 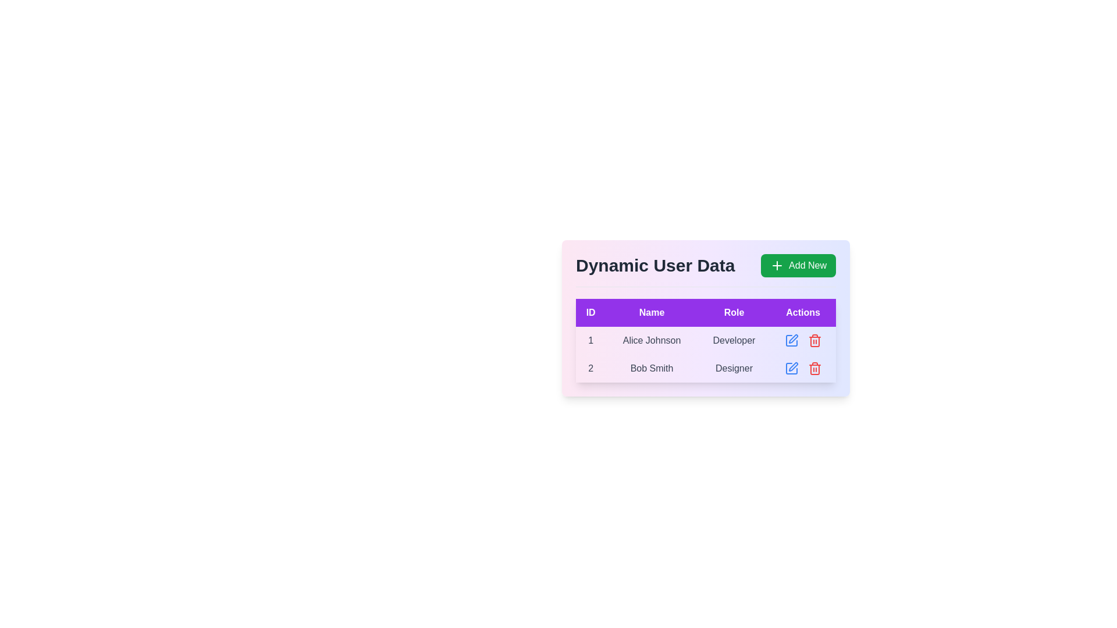 I want to click on the small text element displaying the number '1' which is positioned at the top-left corner of the row containing 'Alice Johnson, Developer', so click(x=590, y=340).